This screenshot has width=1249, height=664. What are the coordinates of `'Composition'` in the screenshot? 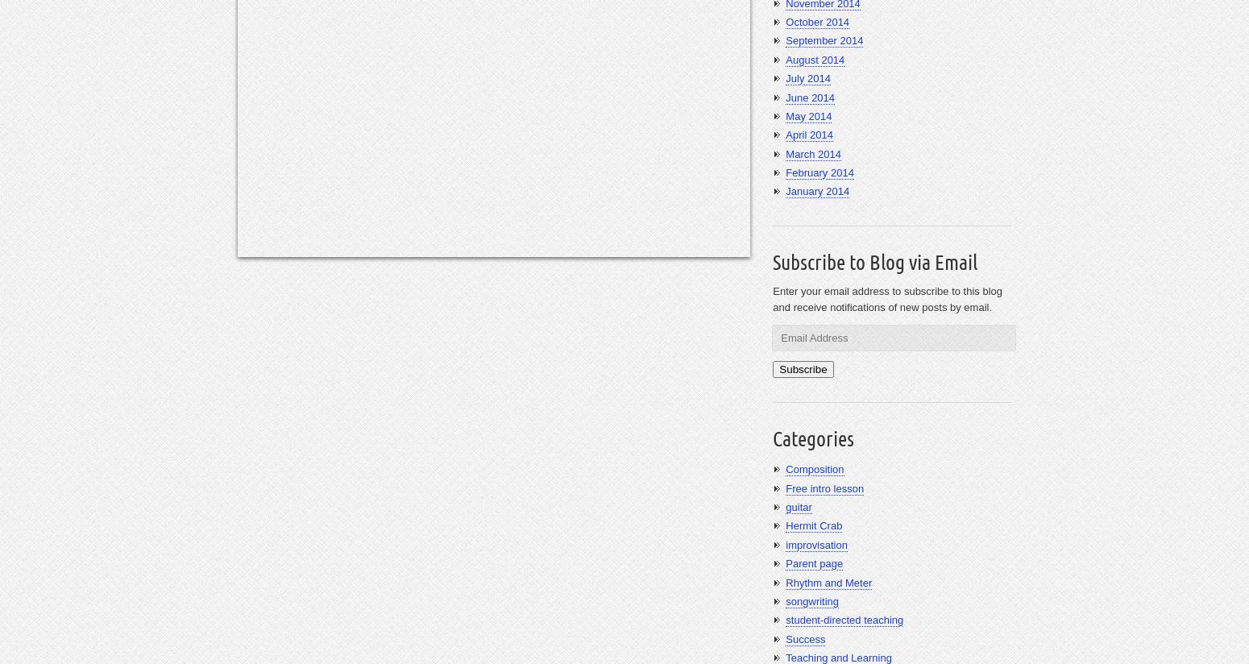 It's located at (815, 468).